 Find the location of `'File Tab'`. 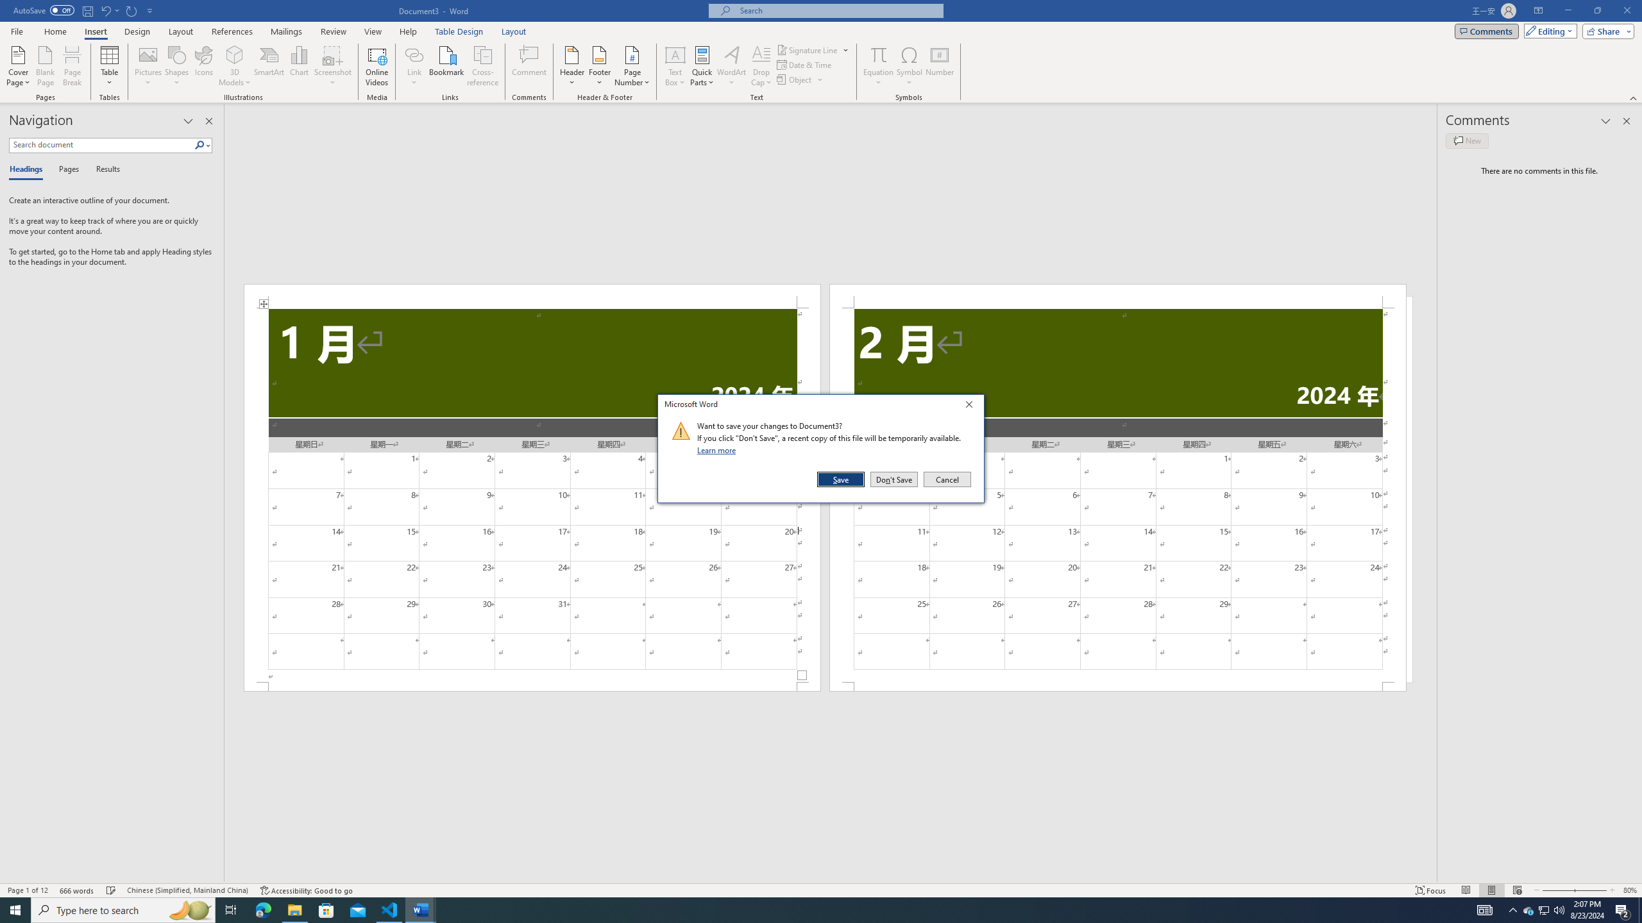

'File Tab' is located at coordinates (16, 30).